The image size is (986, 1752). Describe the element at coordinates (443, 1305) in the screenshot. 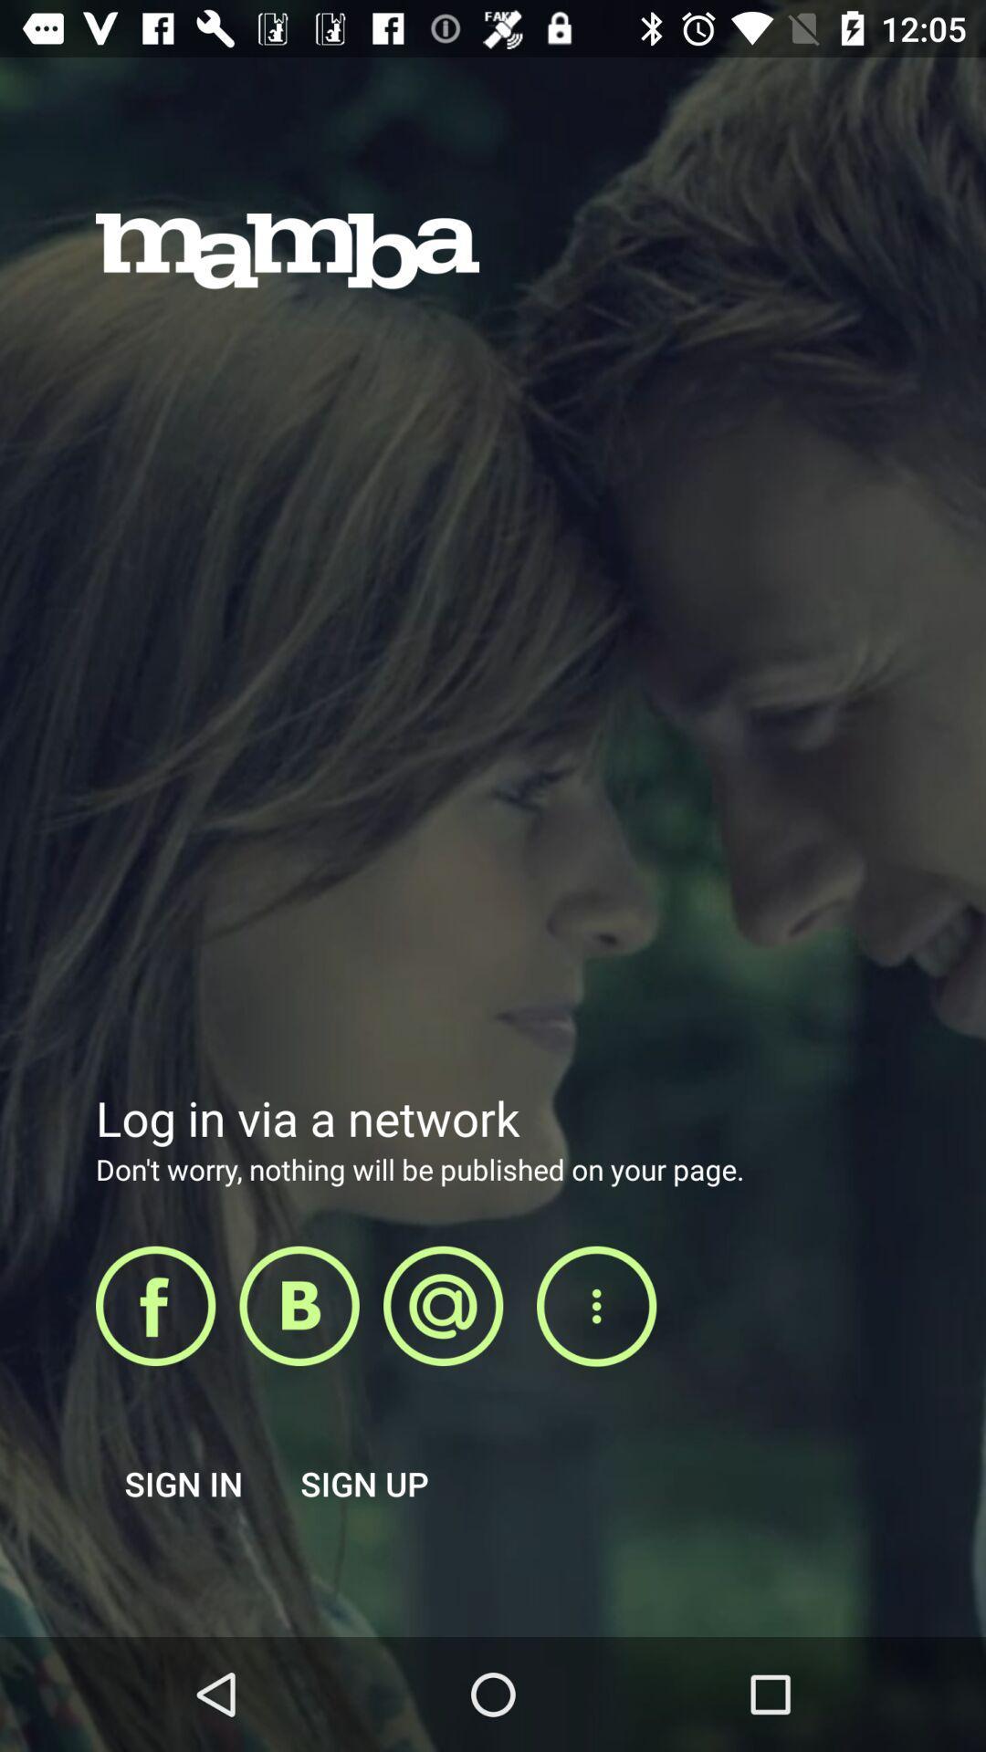

I see `login with email` at that location.